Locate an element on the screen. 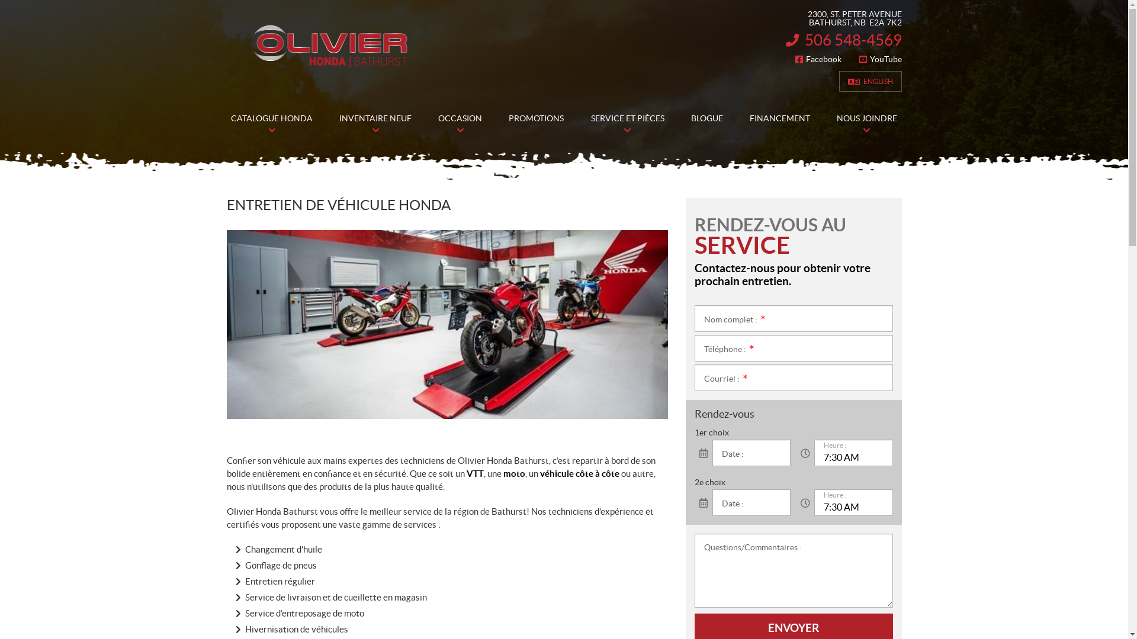  '2300, ST. PETER AVENUE is located at coordinates (843, 18).